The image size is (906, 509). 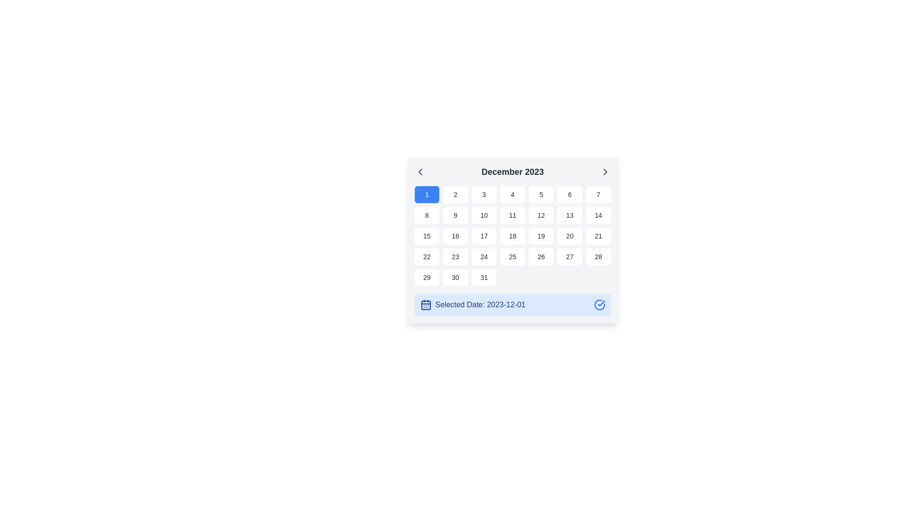 I want to click on the button displaying the number '20' in gray color, located in the fourth row and sixth column of the date grid for December 2023, so click(x=569, y=236).